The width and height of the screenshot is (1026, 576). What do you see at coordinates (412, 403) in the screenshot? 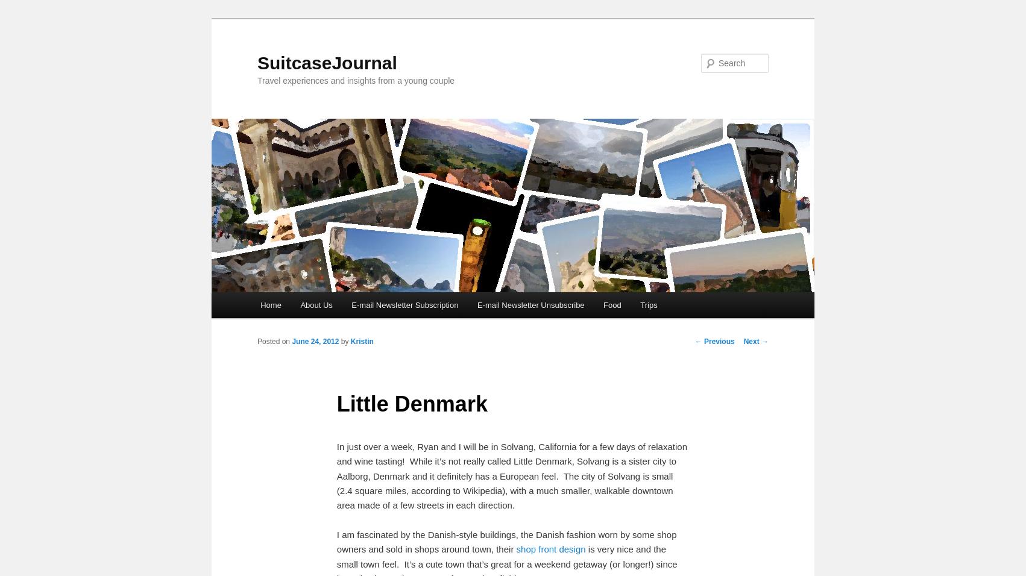
I see `'Little Denmark'` at bounding box center [412, 403].